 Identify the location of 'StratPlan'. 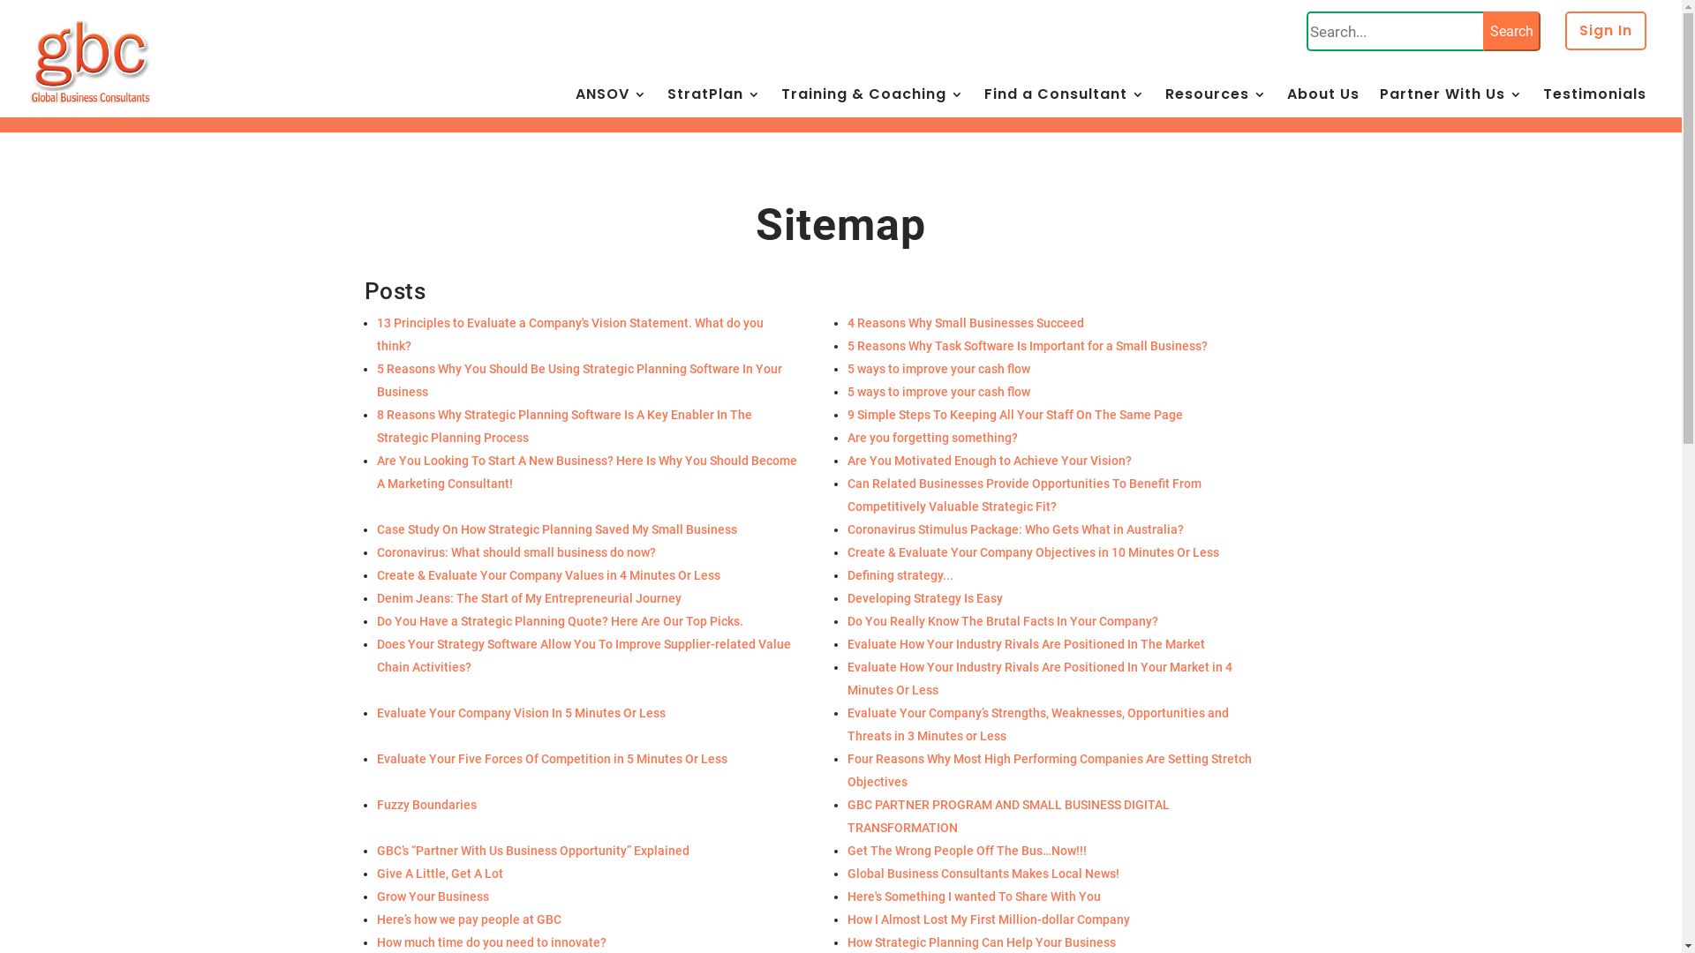
(666, 105).